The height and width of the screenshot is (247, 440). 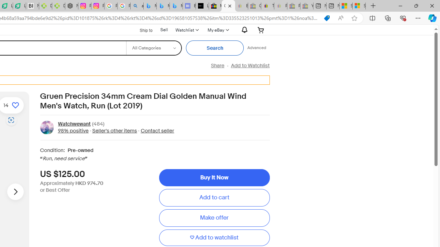 I want to click on '  Contact seller', so click(x=155, y=130).